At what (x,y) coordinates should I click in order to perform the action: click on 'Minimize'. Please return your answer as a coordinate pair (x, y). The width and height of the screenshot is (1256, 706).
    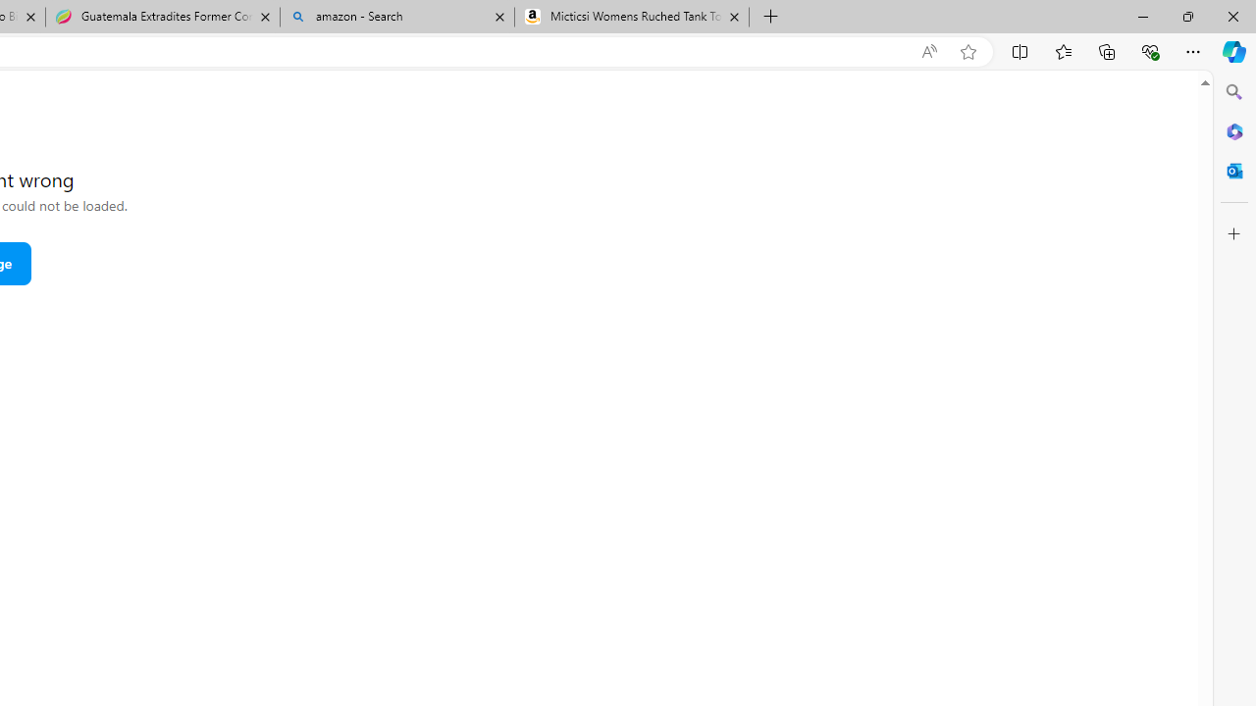
    Looking at the image, I should click on (1142, 16).